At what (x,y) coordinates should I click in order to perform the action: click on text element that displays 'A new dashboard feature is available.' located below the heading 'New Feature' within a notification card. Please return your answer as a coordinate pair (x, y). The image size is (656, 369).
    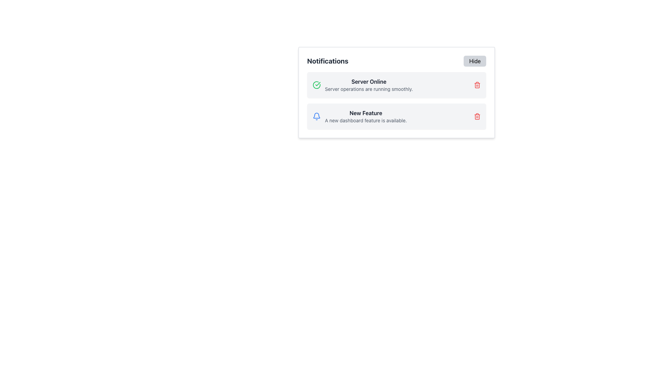
    Looking at the image, I should click on (365, 120).